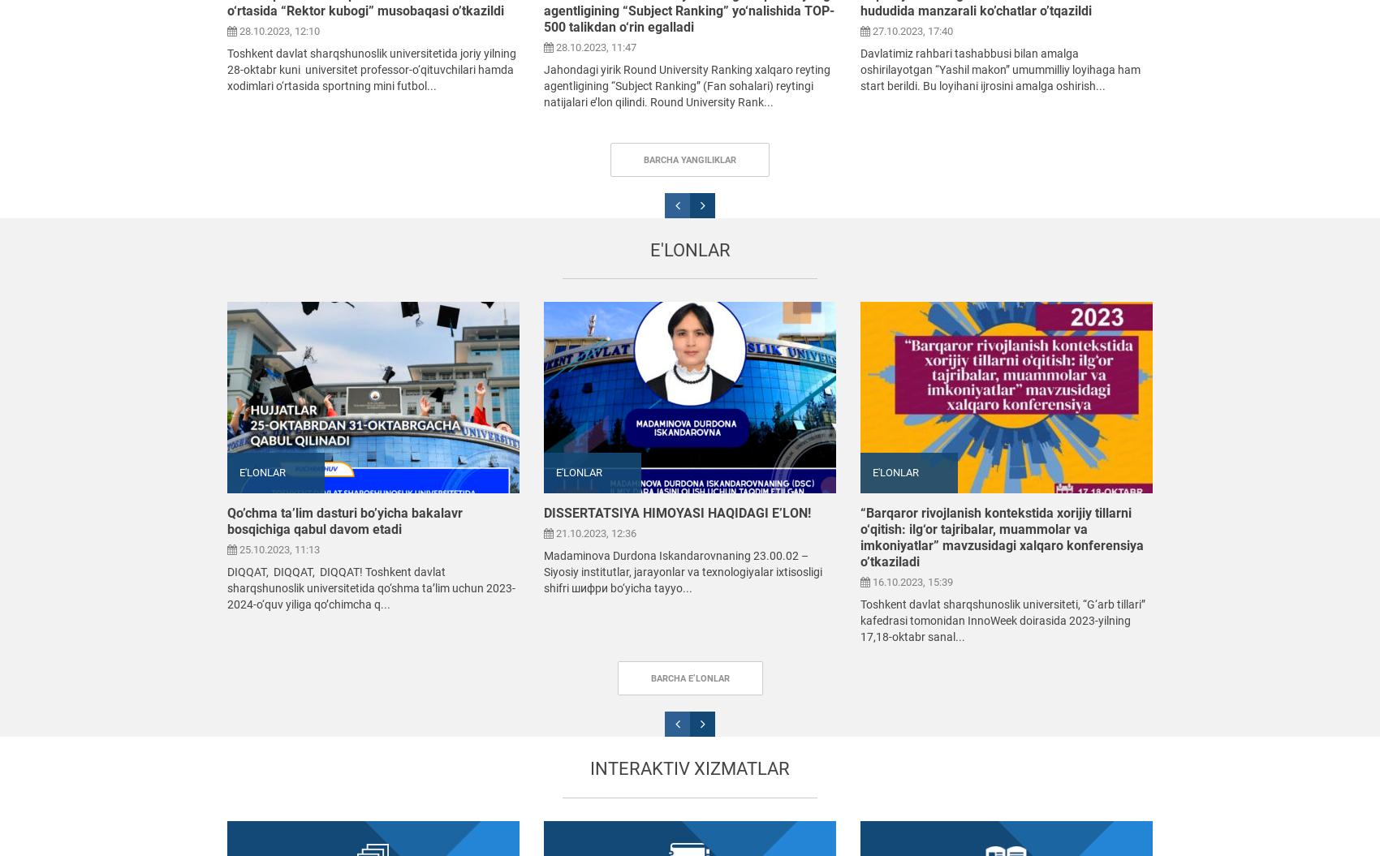  Describe the element at coordinates (690, 768) in the screenshot. I see `'Interaktiv xizmatlar'` at that location.